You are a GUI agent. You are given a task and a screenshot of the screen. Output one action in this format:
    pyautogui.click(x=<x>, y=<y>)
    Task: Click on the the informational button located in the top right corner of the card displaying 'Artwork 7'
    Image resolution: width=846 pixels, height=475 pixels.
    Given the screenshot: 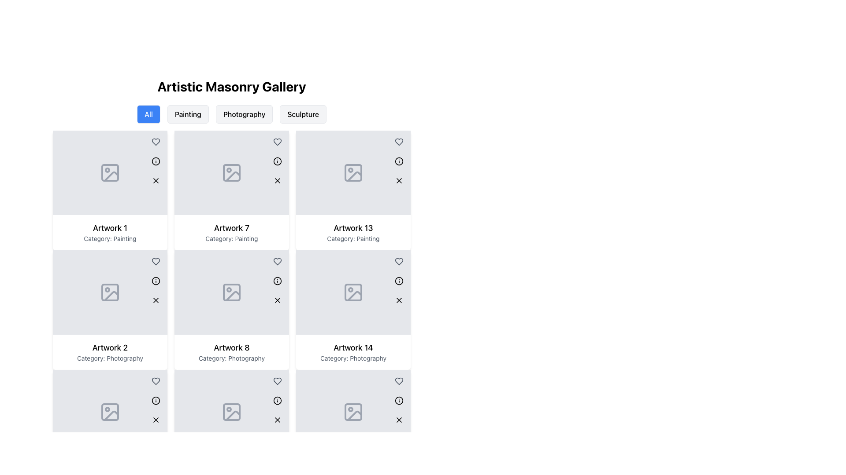 What is the action you would take?
    pyautogui.click(x=277, y=161)
    